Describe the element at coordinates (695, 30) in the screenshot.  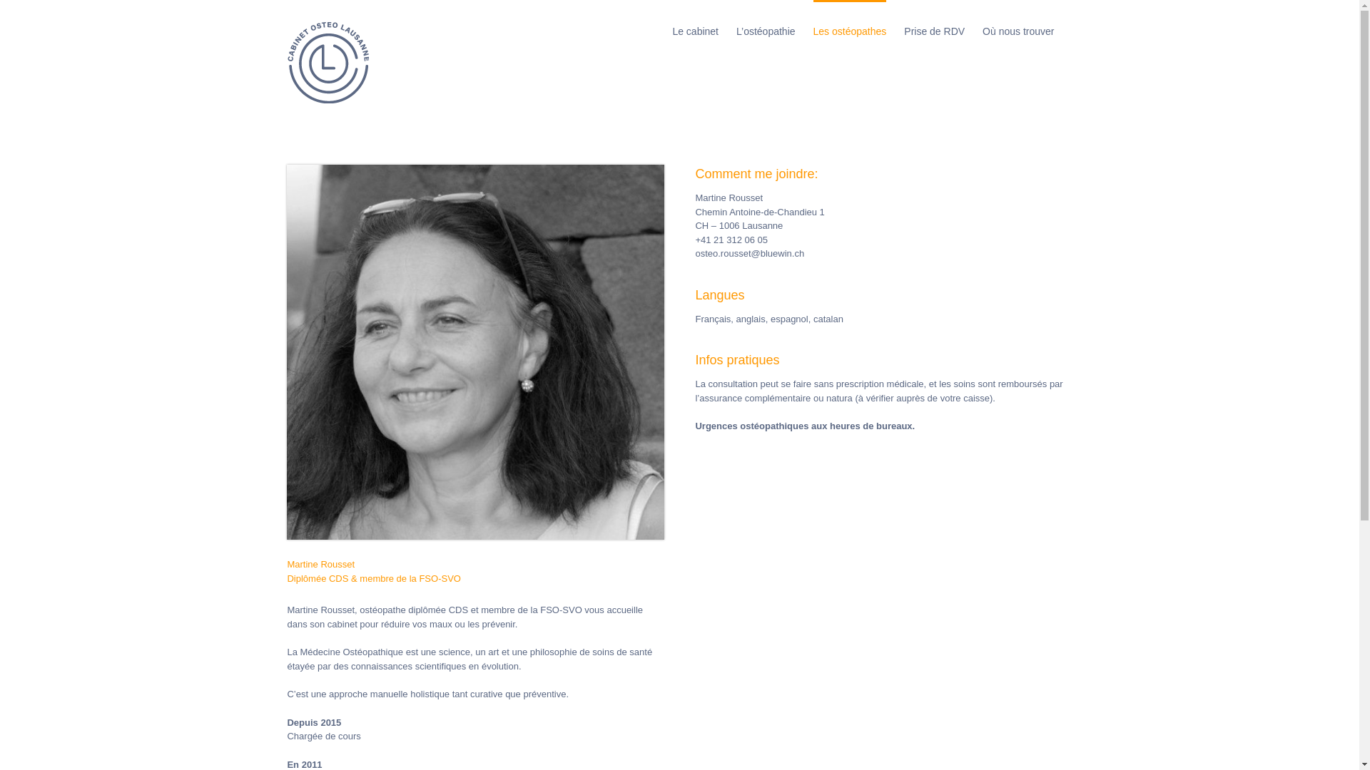
I see `'Le cabinet'` at that location.